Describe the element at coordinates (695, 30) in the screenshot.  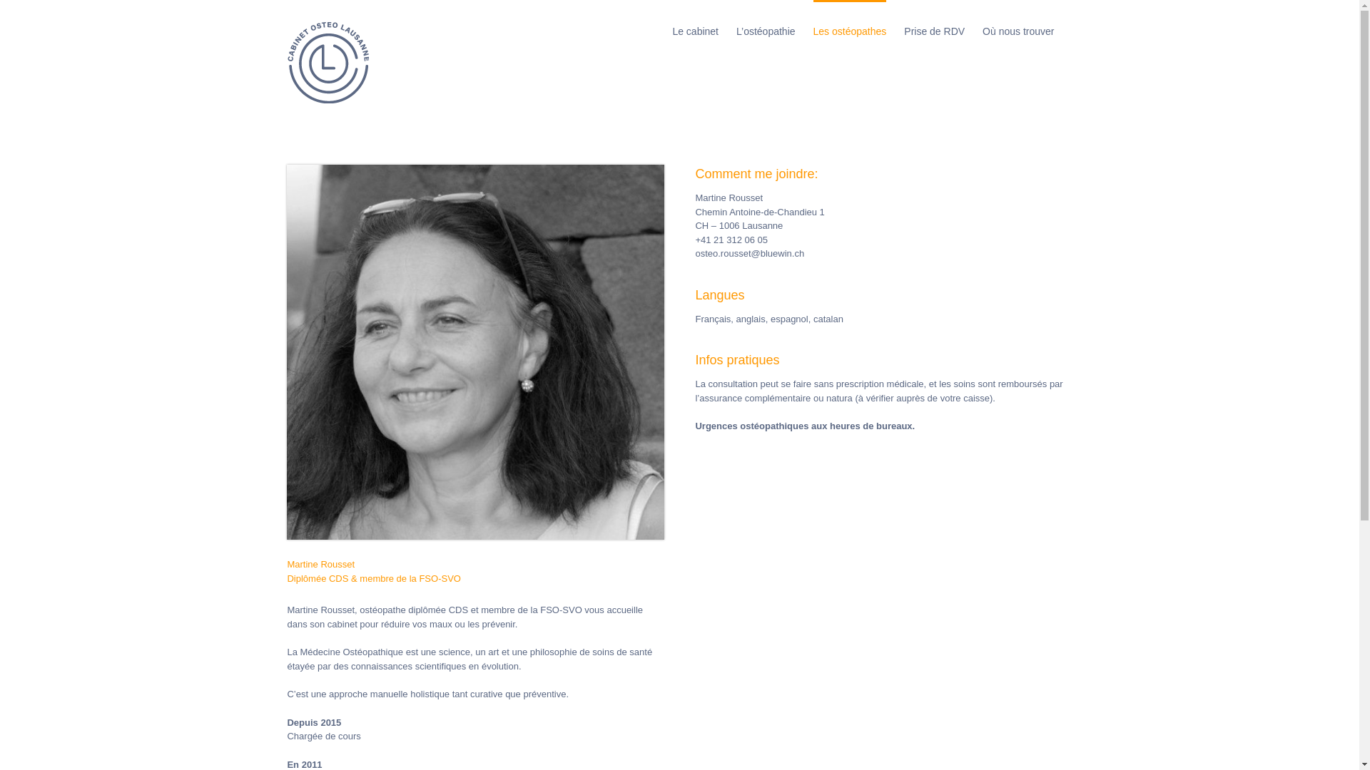
I see `'Le cabinet'` at that location.